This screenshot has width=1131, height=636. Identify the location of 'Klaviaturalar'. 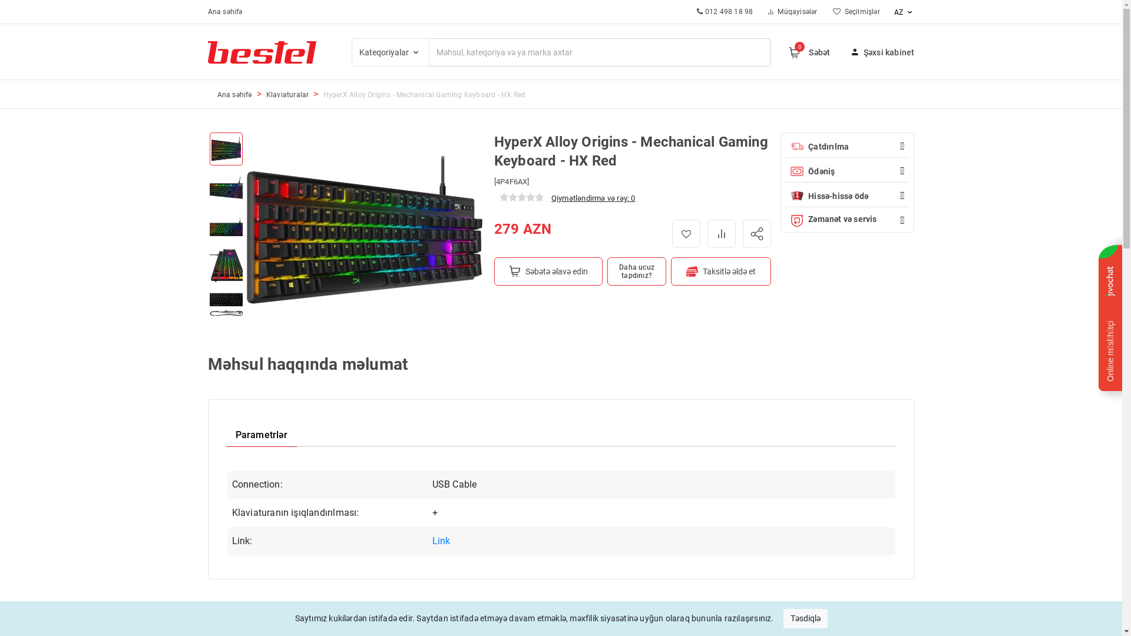
(265, 94).